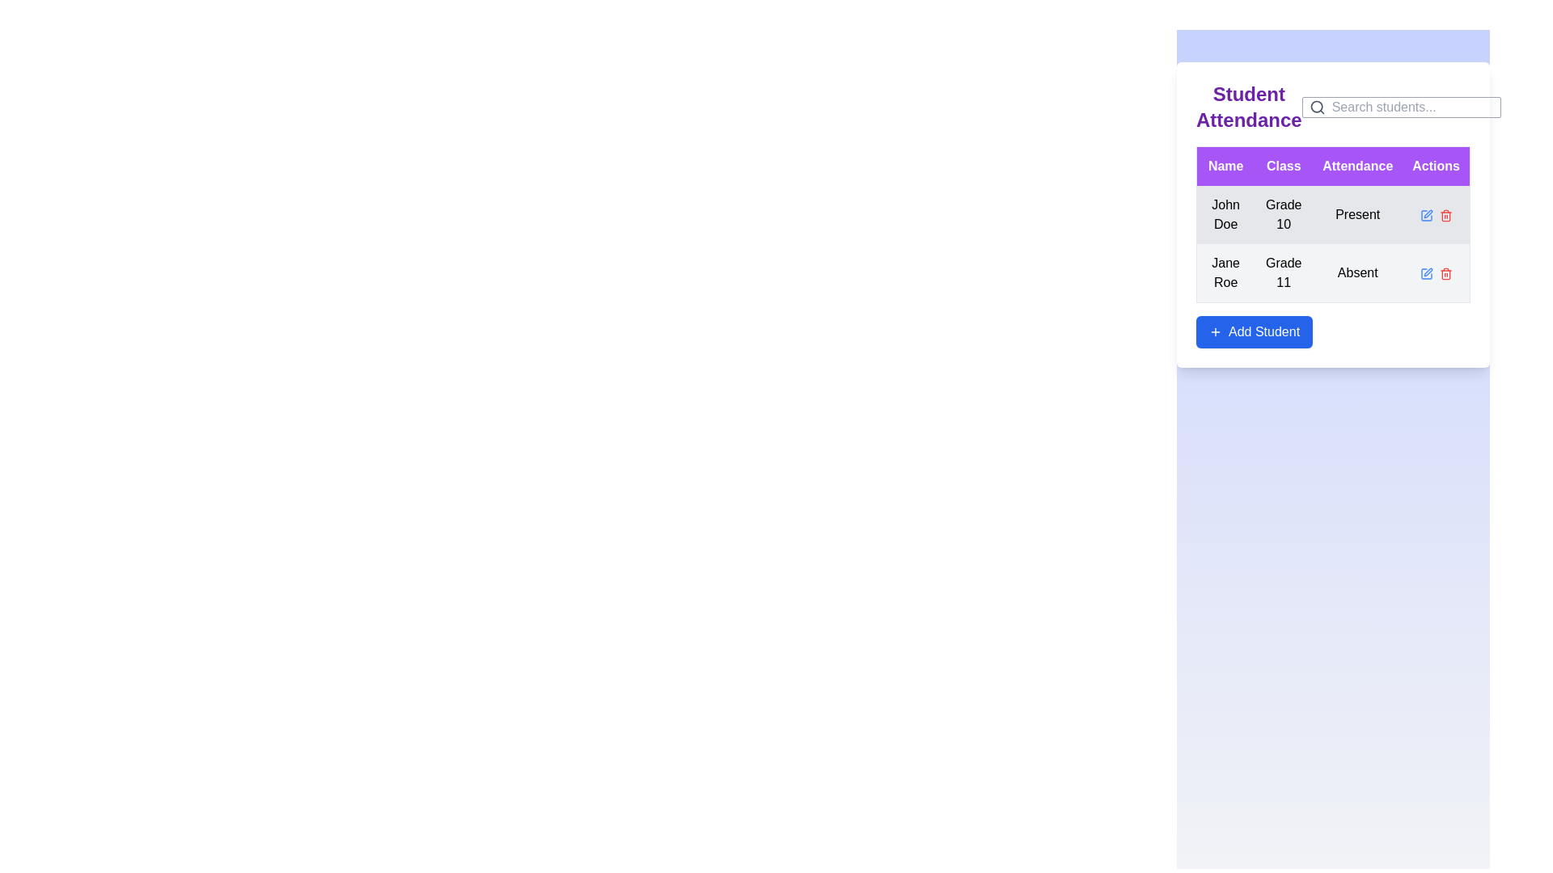  Describe the element at coordinates (1333, 214) in the screenshot. I see `the buttons within the attendance records table located in the central area of the interface for respective actions` at that location.